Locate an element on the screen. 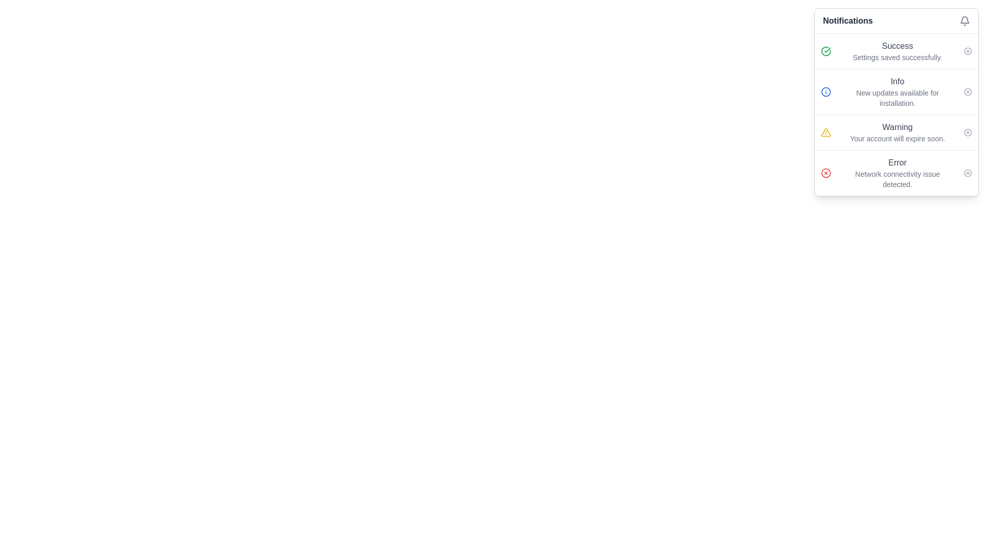  the notification text block that informs the user about the successful saving of settings is located at coordinates (897, 51).